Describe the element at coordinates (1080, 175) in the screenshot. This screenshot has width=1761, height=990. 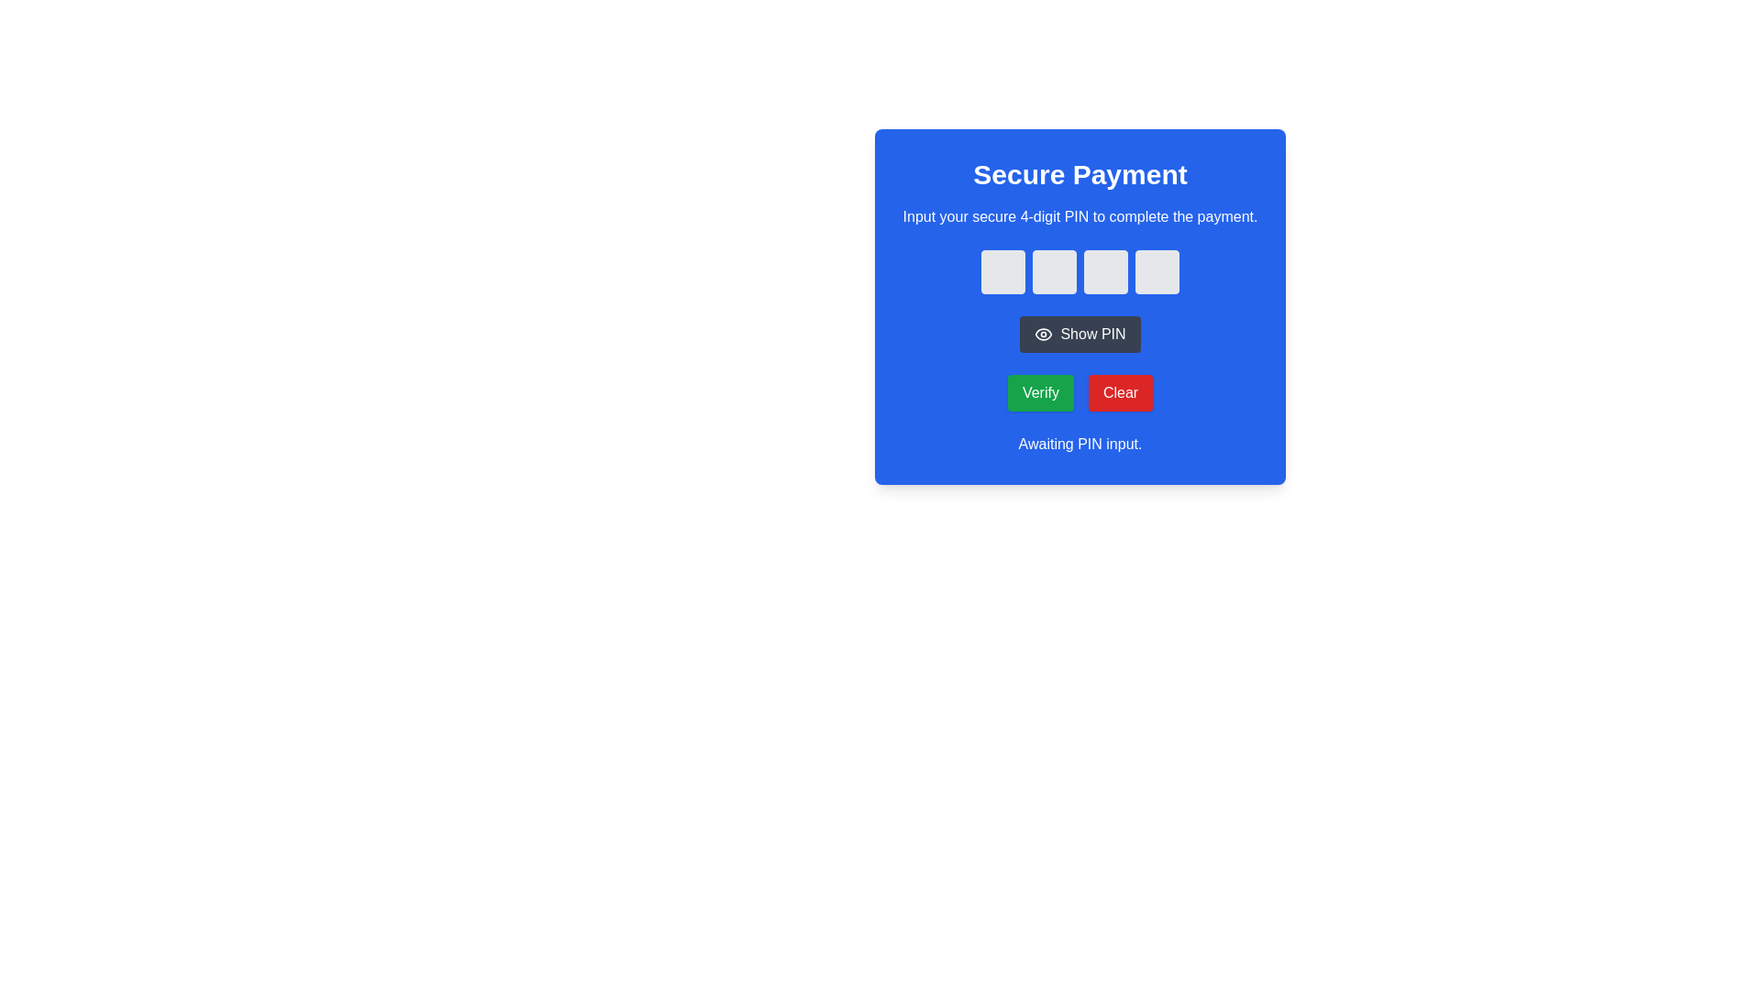
I see `the text label that serves as the title for the payment interface, which is centrally aligned at the top of the PIN input form section` at that location.